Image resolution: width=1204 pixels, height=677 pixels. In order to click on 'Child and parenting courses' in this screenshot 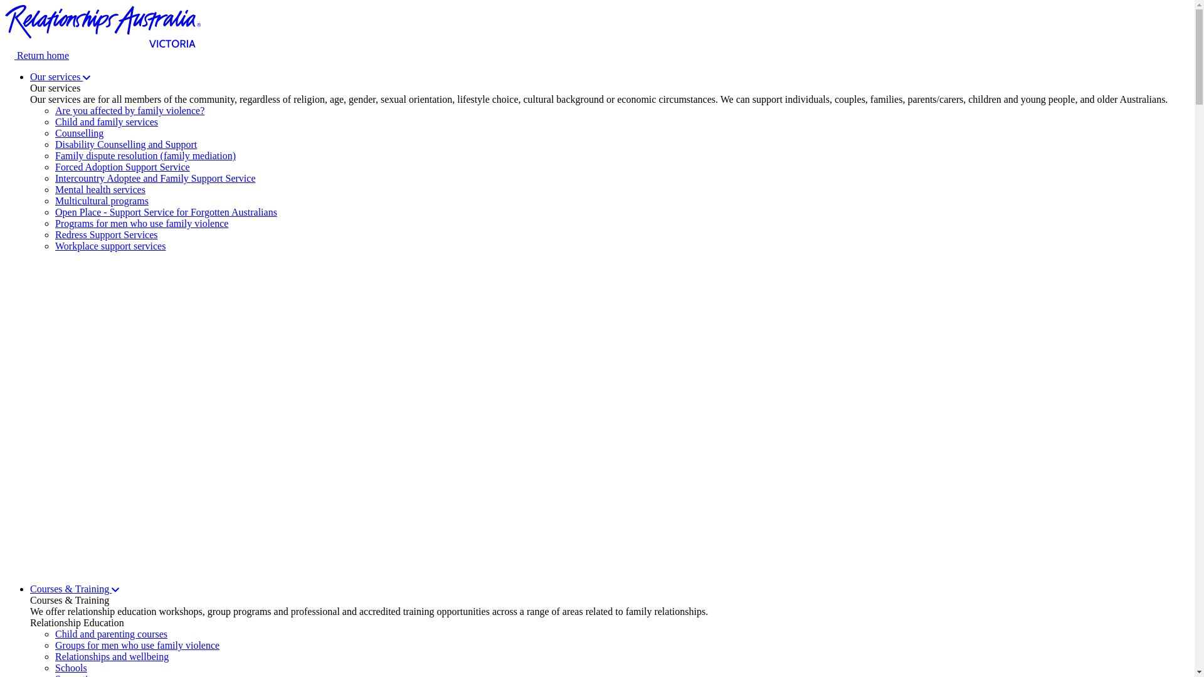, I will do `click(54, 634)`.